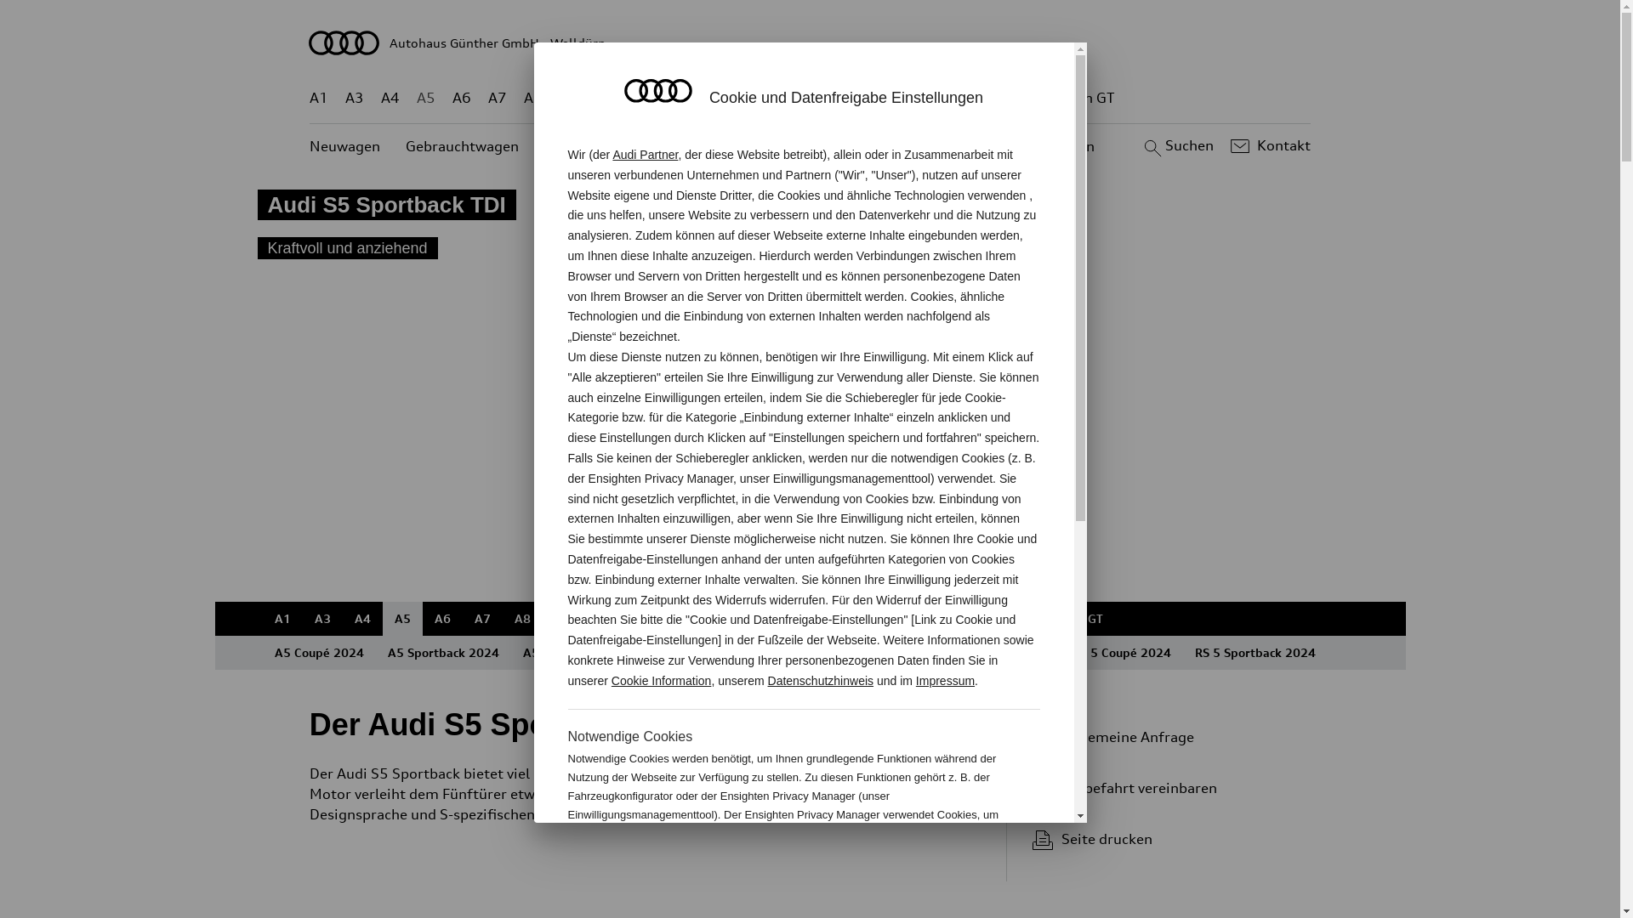 Image resolution: width=1633 pixels, height=918 pixels. I want to click on 'A6', so click(461, 98).